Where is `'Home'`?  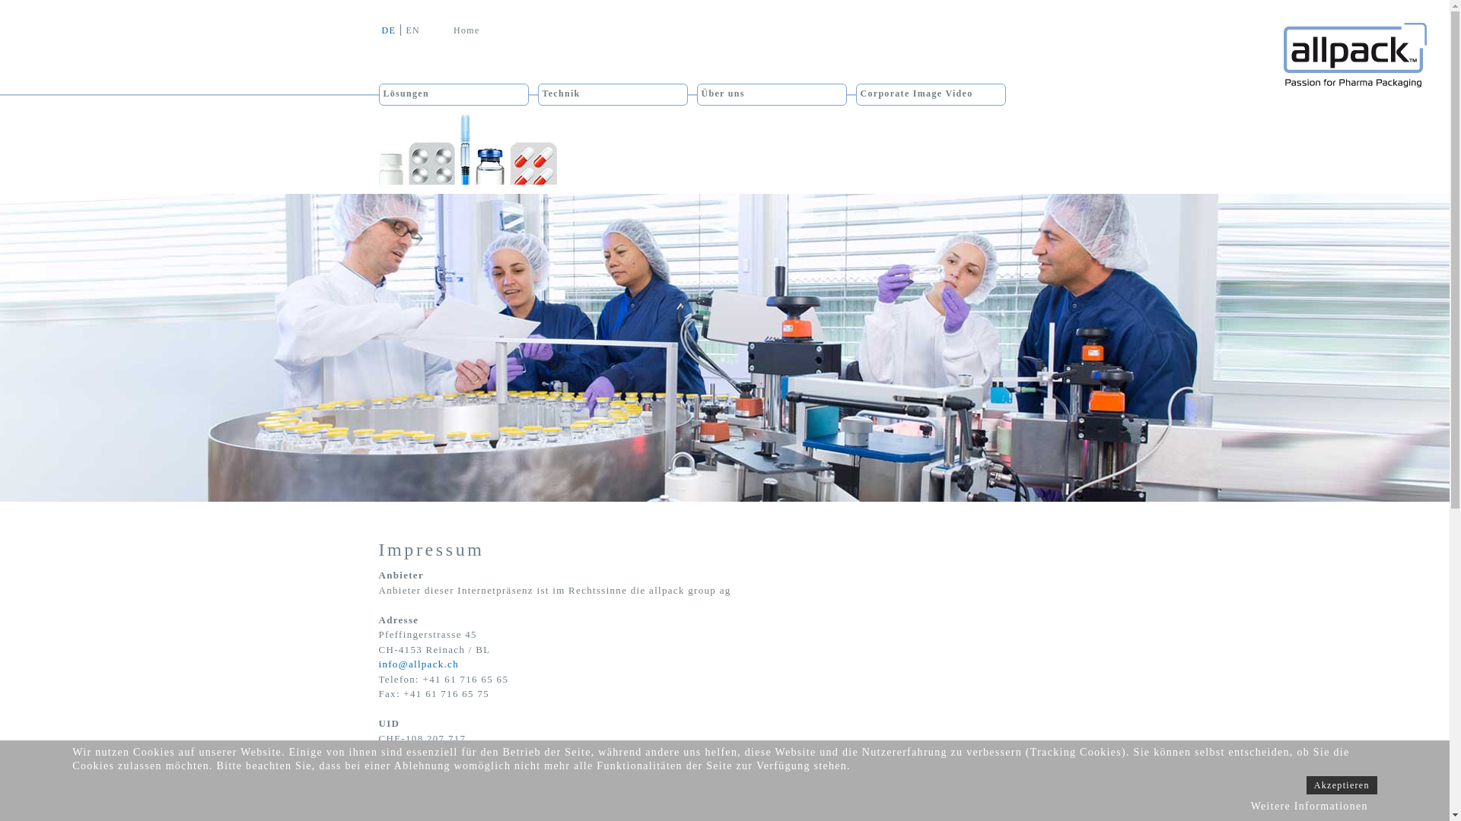
'Home' is located at coordinates (473, 30).